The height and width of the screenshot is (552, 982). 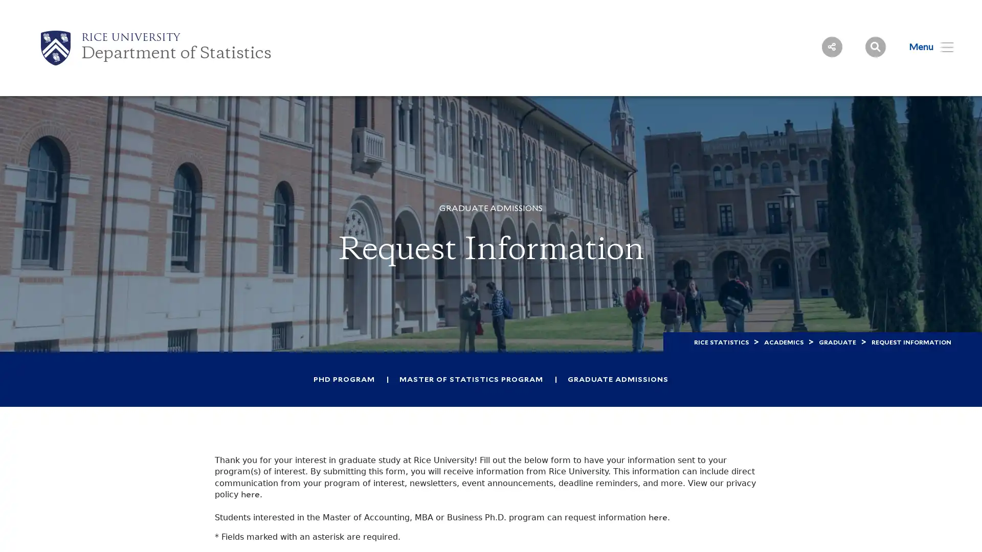 What do you see at coordinates (925, 47) in the screenshot?
I see `Open Menu` at bounding box center [925, 47].